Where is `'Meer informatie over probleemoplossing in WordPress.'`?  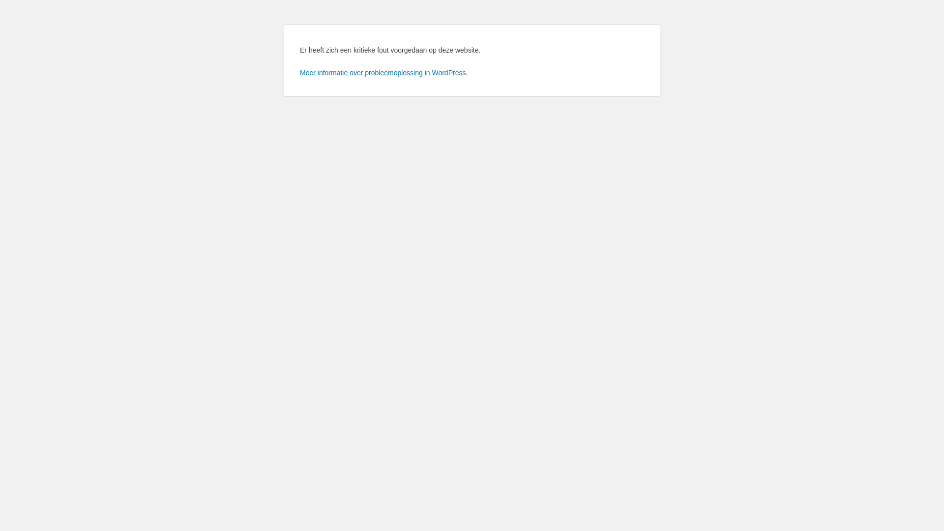
'Meer informatie over probleemoplossing in WordPress.' is located at coordinates (383, 72).